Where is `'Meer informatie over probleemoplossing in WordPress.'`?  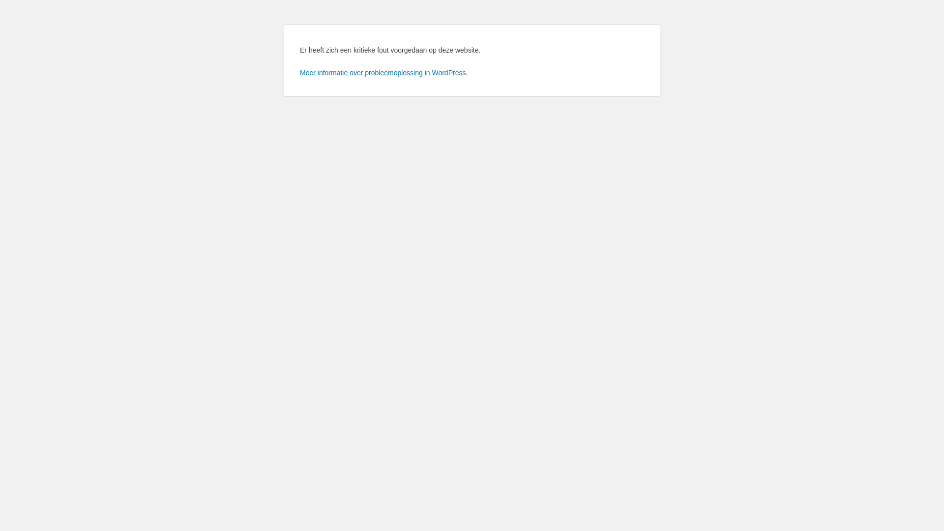
'Meer informatie over probleemoplossing in WordPress.' is located at coordinates (383, 72).